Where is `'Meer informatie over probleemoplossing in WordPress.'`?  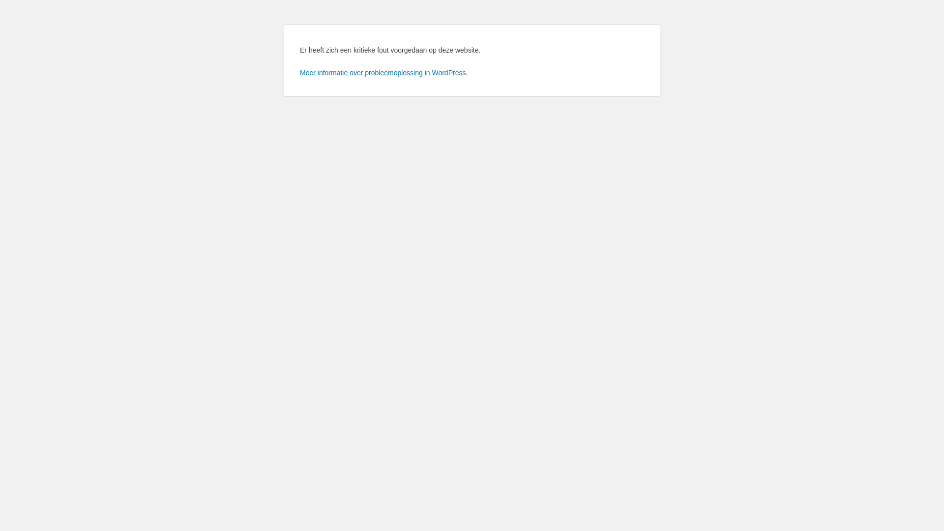
'Meer informatie over probleemoplossing in WordPress.' is located at coordinates (383, 72).